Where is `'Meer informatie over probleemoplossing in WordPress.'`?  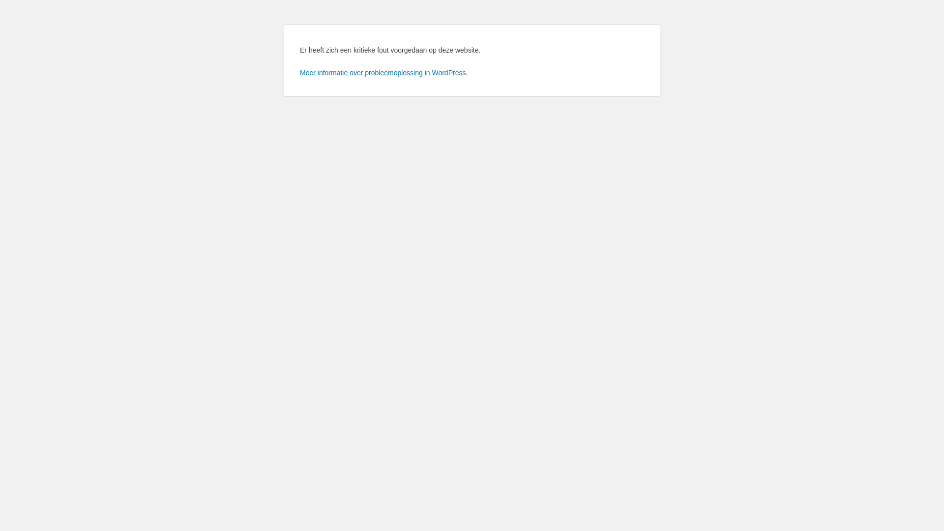
'Meer informatie over probleemoplossing in WordPress.' is located at coordinates (383, 72).